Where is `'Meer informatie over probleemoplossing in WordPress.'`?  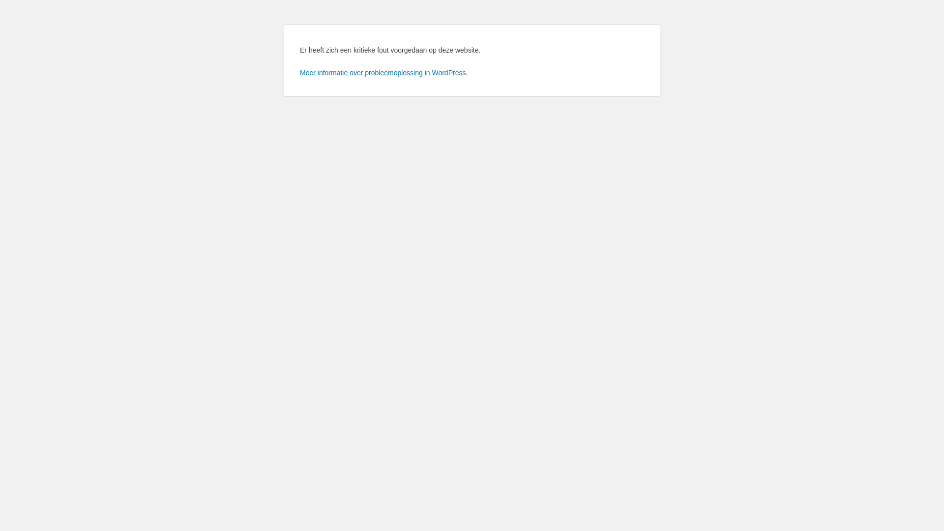
'Meer informatie over probleemoplossing in WordPress.' is located at coordinates (383, 72).